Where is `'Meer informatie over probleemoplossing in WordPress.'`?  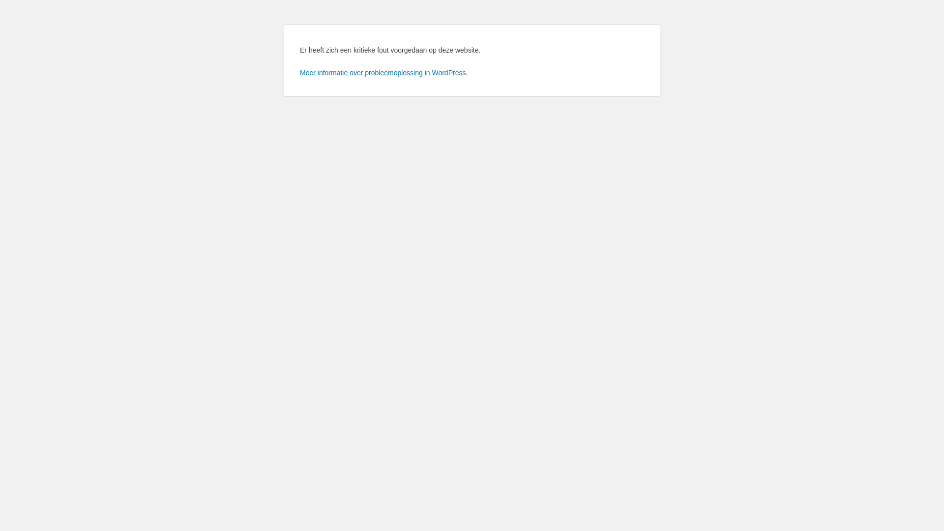
'Meer informatie over probleemoplossing in WordPress.' is located at coordinates (383, 72).